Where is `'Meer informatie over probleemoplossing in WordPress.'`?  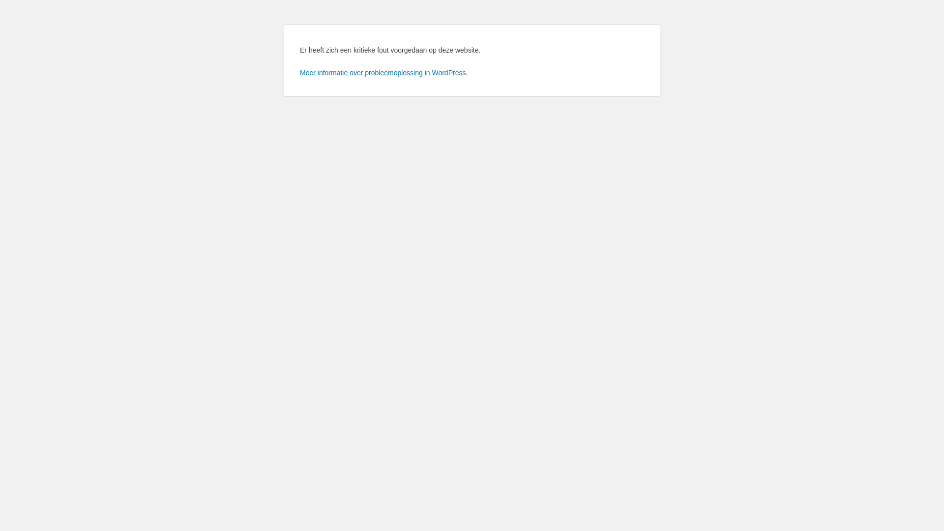
'Meer informatie over probleemoplossing in WordPress.' is located at coordinates (383, 72).